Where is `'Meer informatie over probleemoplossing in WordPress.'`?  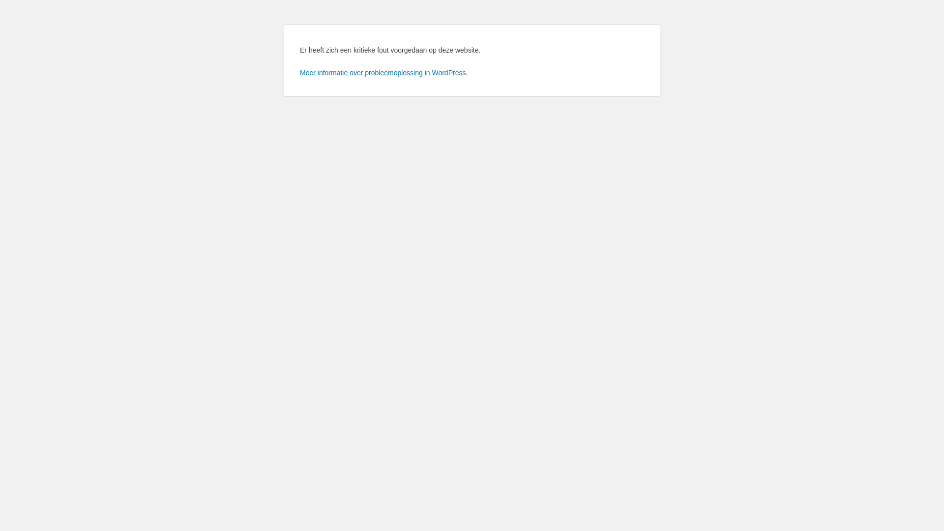
'Meer informatie over probleemoplossing in WordPress.' is located at coordinates (383, 72).